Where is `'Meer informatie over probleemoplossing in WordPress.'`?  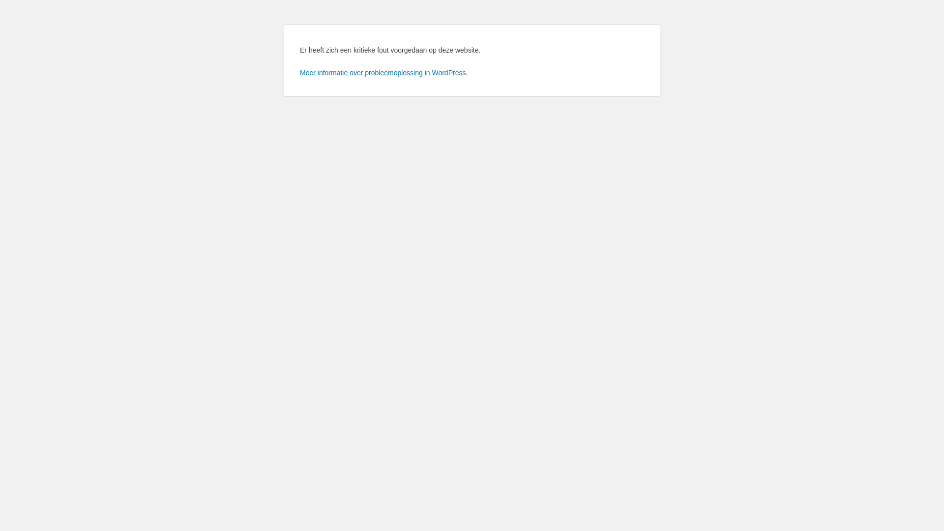
'Meer informatie over probleemoplossing in WordPress.' is located at coordinates (383, 72).